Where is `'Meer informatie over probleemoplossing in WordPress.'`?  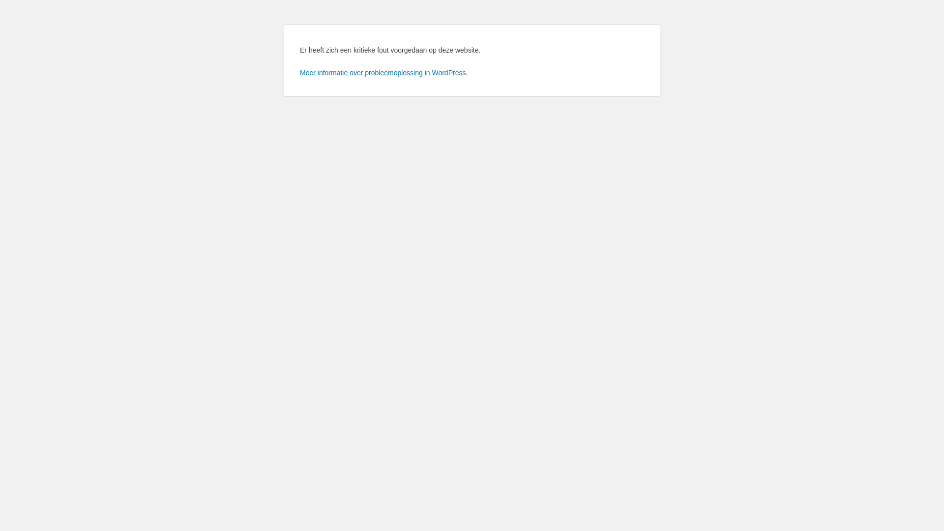
'Meer informatie over probleemoplossing in WordPress.' is located at coordinates (383, 72).